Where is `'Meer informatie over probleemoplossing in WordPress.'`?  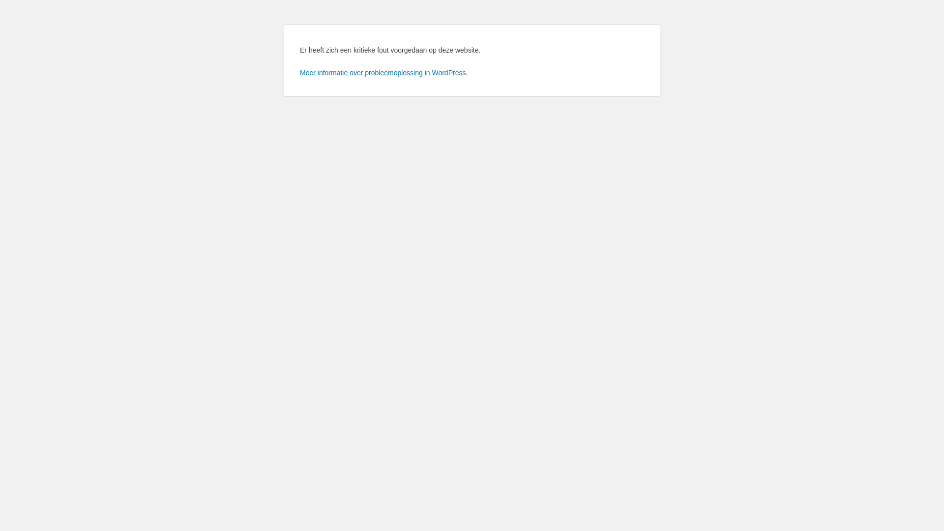
'Meer informatie over probleemoplossing in WordPress.' is located at coordinates (383, 72).